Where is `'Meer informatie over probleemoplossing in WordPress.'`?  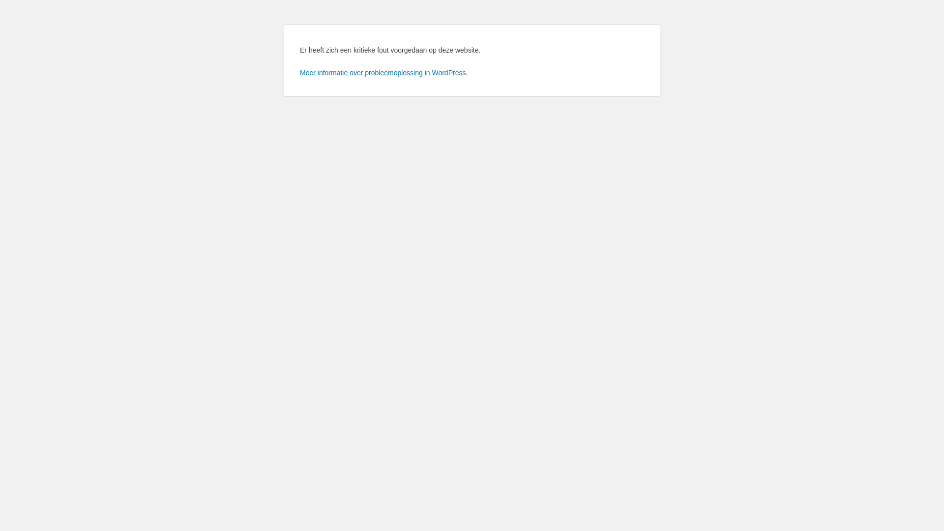
'Meer informatie over probleemoplossing in WordPress.' is located at coordinates (383, 72).